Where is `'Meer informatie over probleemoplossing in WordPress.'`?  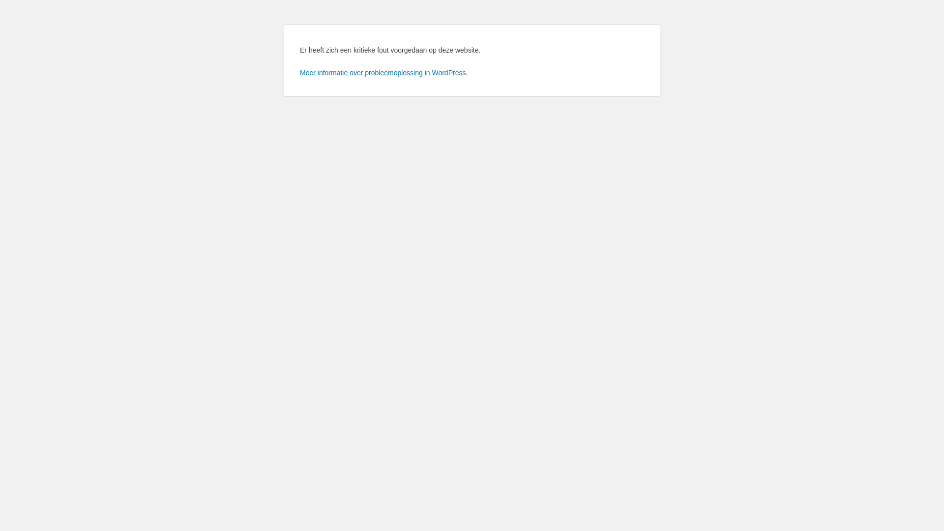
'Meer informatie over probleemoplossing in WordPress.' is located at coordinates (383, 72).